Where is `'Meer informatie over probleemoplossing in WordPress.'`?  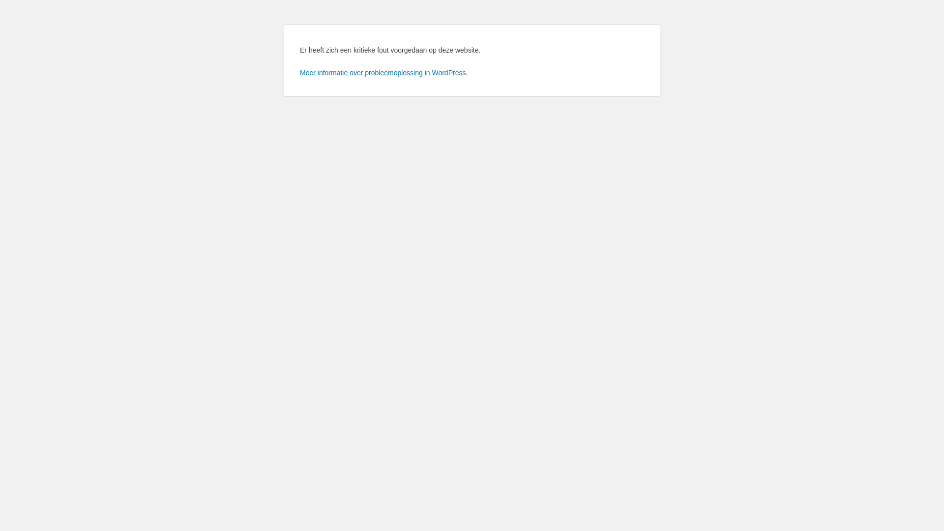
'Meer informatie over probleemoplossing in WordPress.' is located at coordinates (383, 72).